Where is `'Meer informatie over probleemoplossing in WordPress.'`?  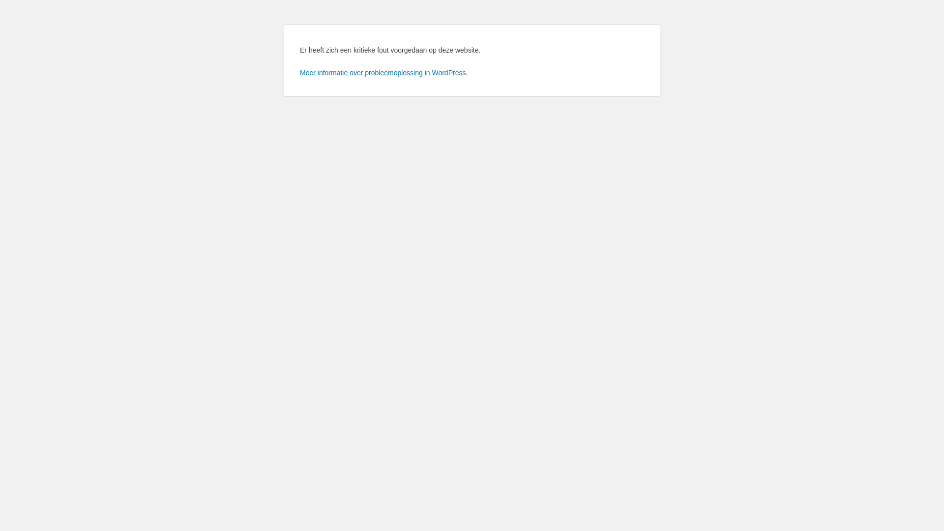
'Meer informatie over probleemoplossing in WordPress.' is located at coordinates (383, 72).